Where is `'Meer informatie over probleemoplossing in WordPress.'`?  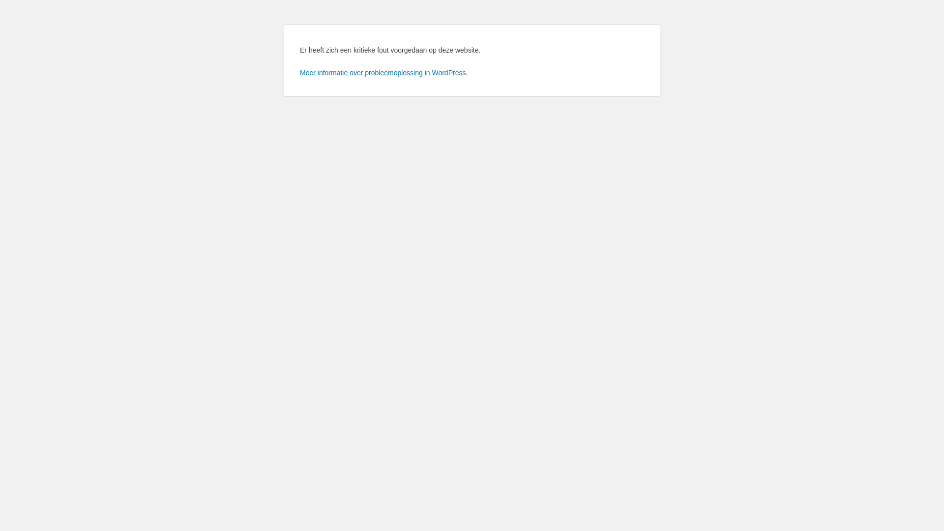
'Meer informatie over probleemoplossing in WordPress.' is located at coordinates (383, 72).